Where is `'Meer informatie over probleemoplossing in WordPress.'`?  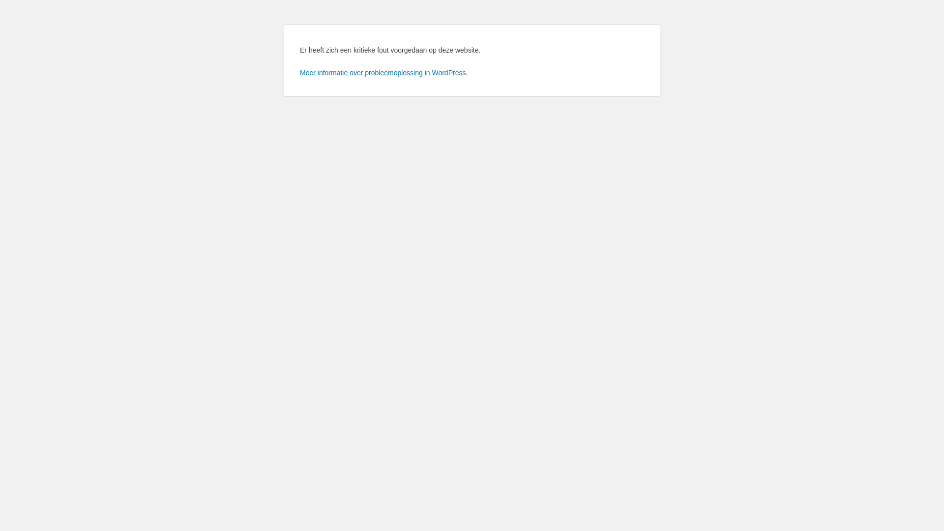
'Meer informatie over probleemoplossing in WordPress.' is located at coordinates (383, 72).